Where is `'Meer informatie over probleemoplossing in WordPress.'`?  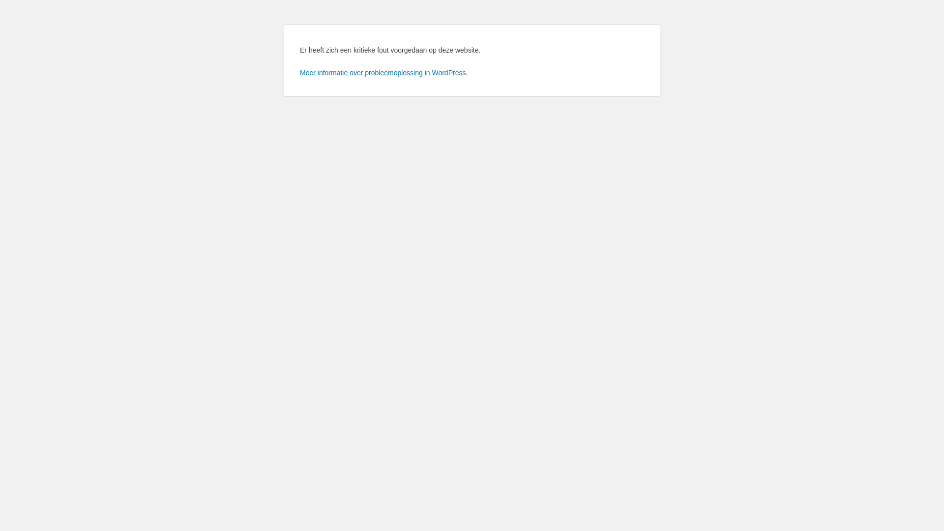
'Meer informatie over probleemoplossing in WordPress.' is located at coordinates (383, 72).